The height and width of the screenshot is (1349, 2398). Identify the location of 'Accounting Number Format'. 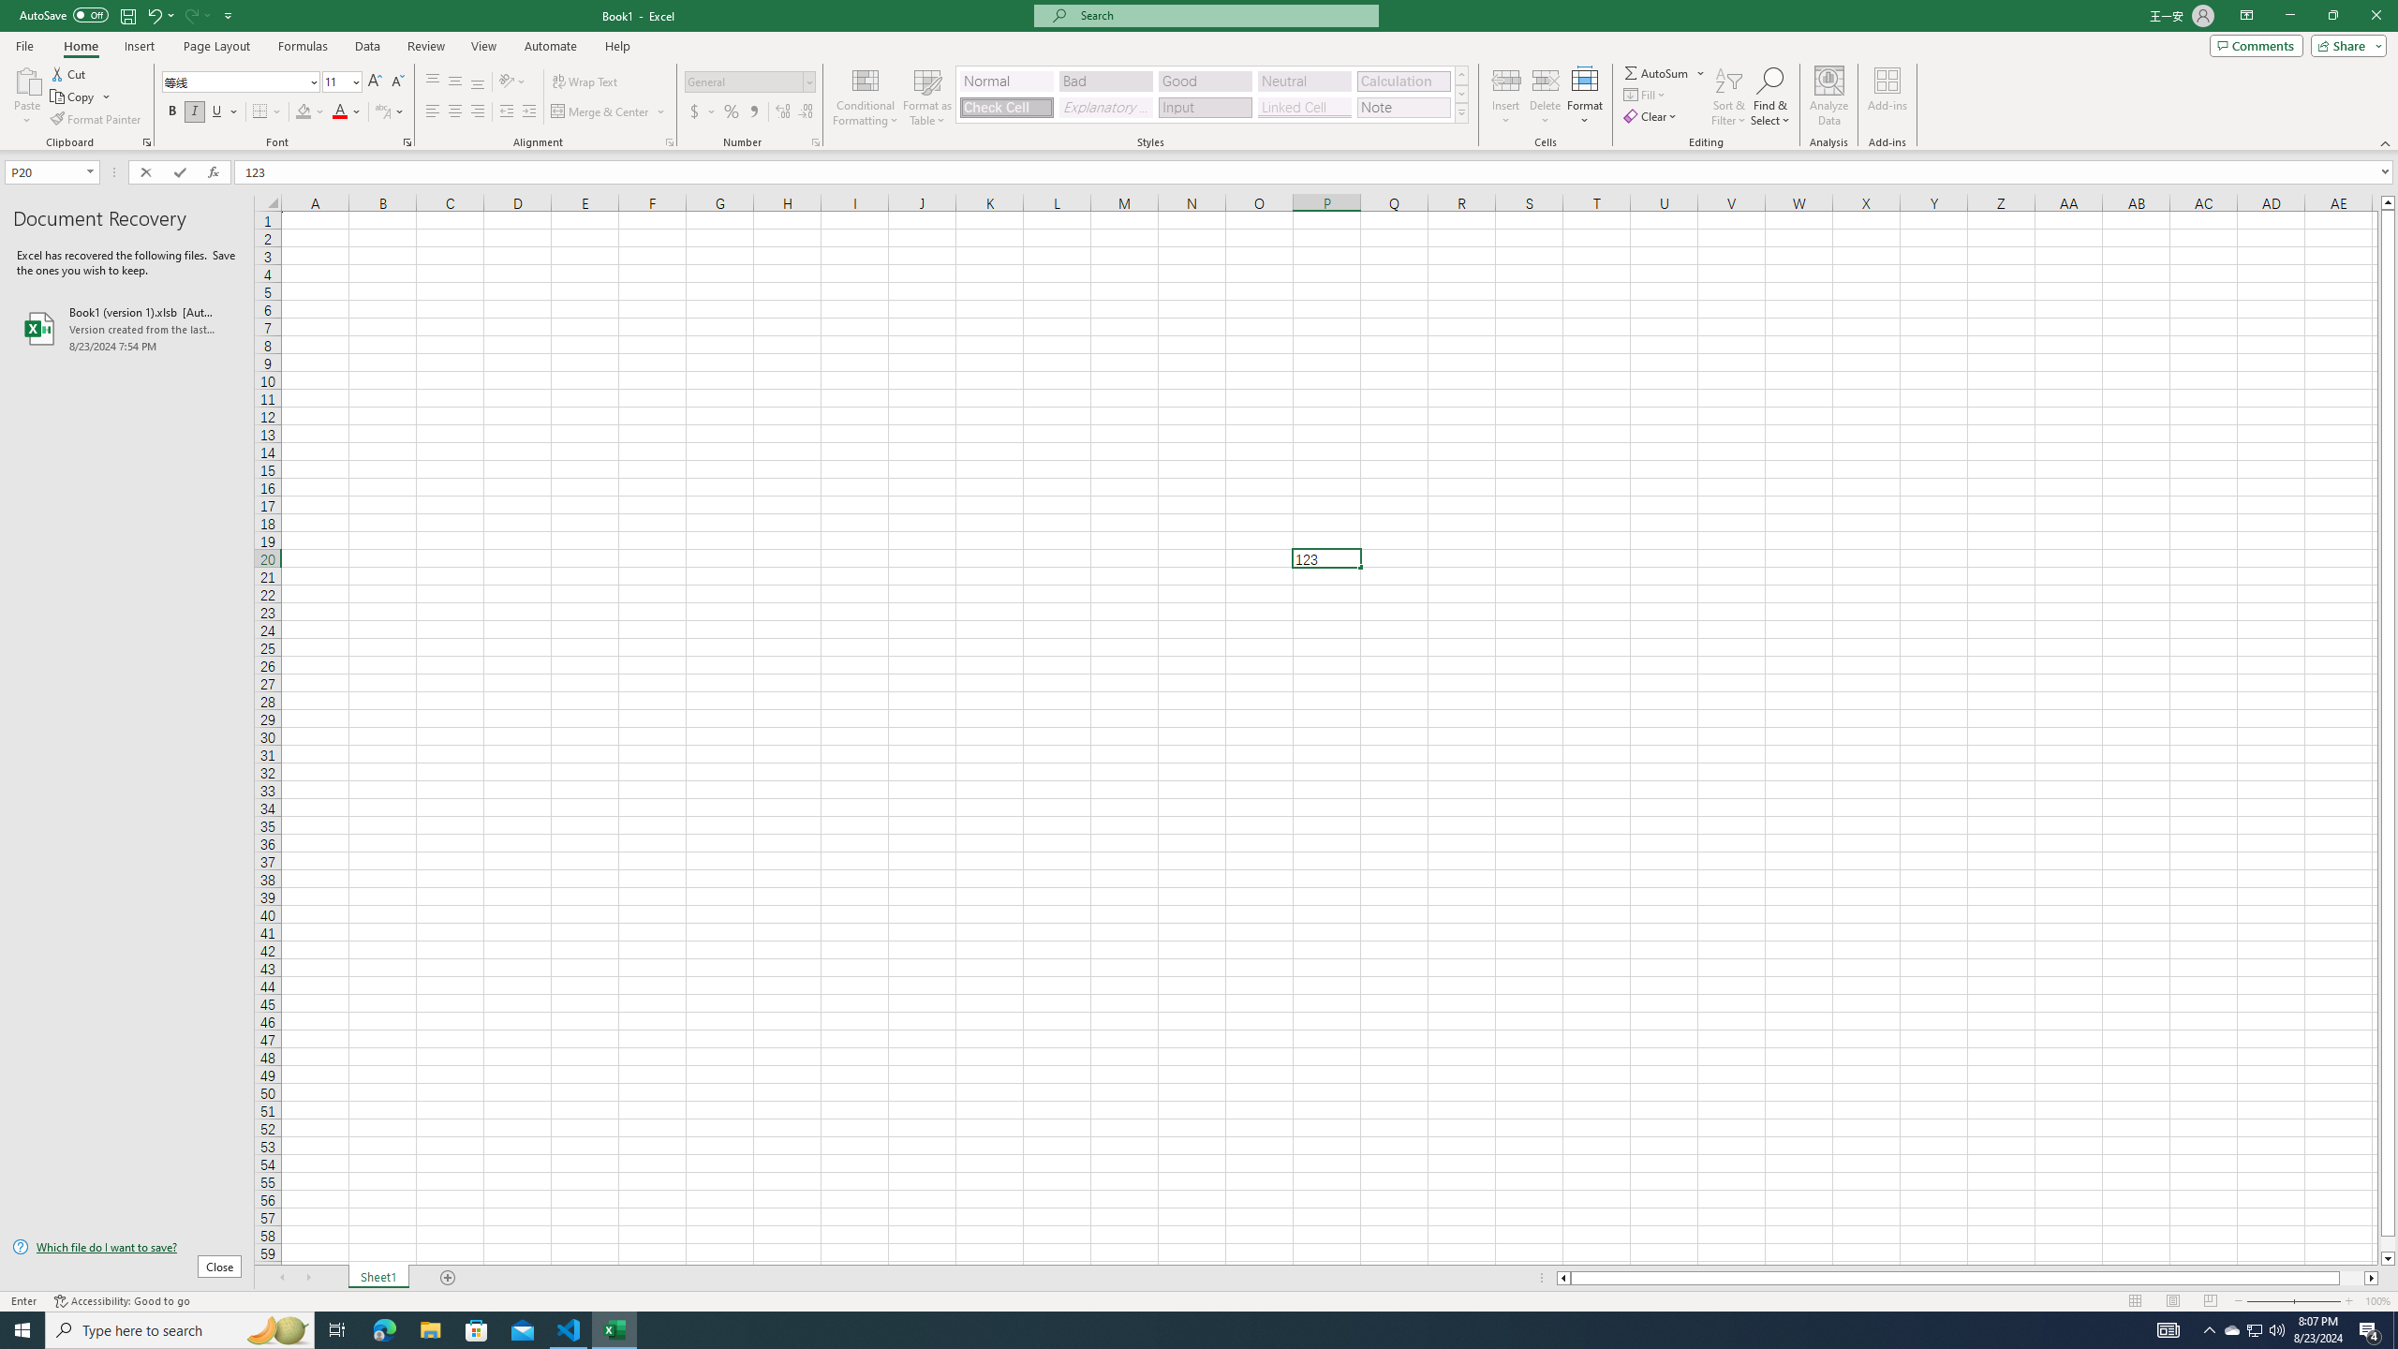
(703, 111).